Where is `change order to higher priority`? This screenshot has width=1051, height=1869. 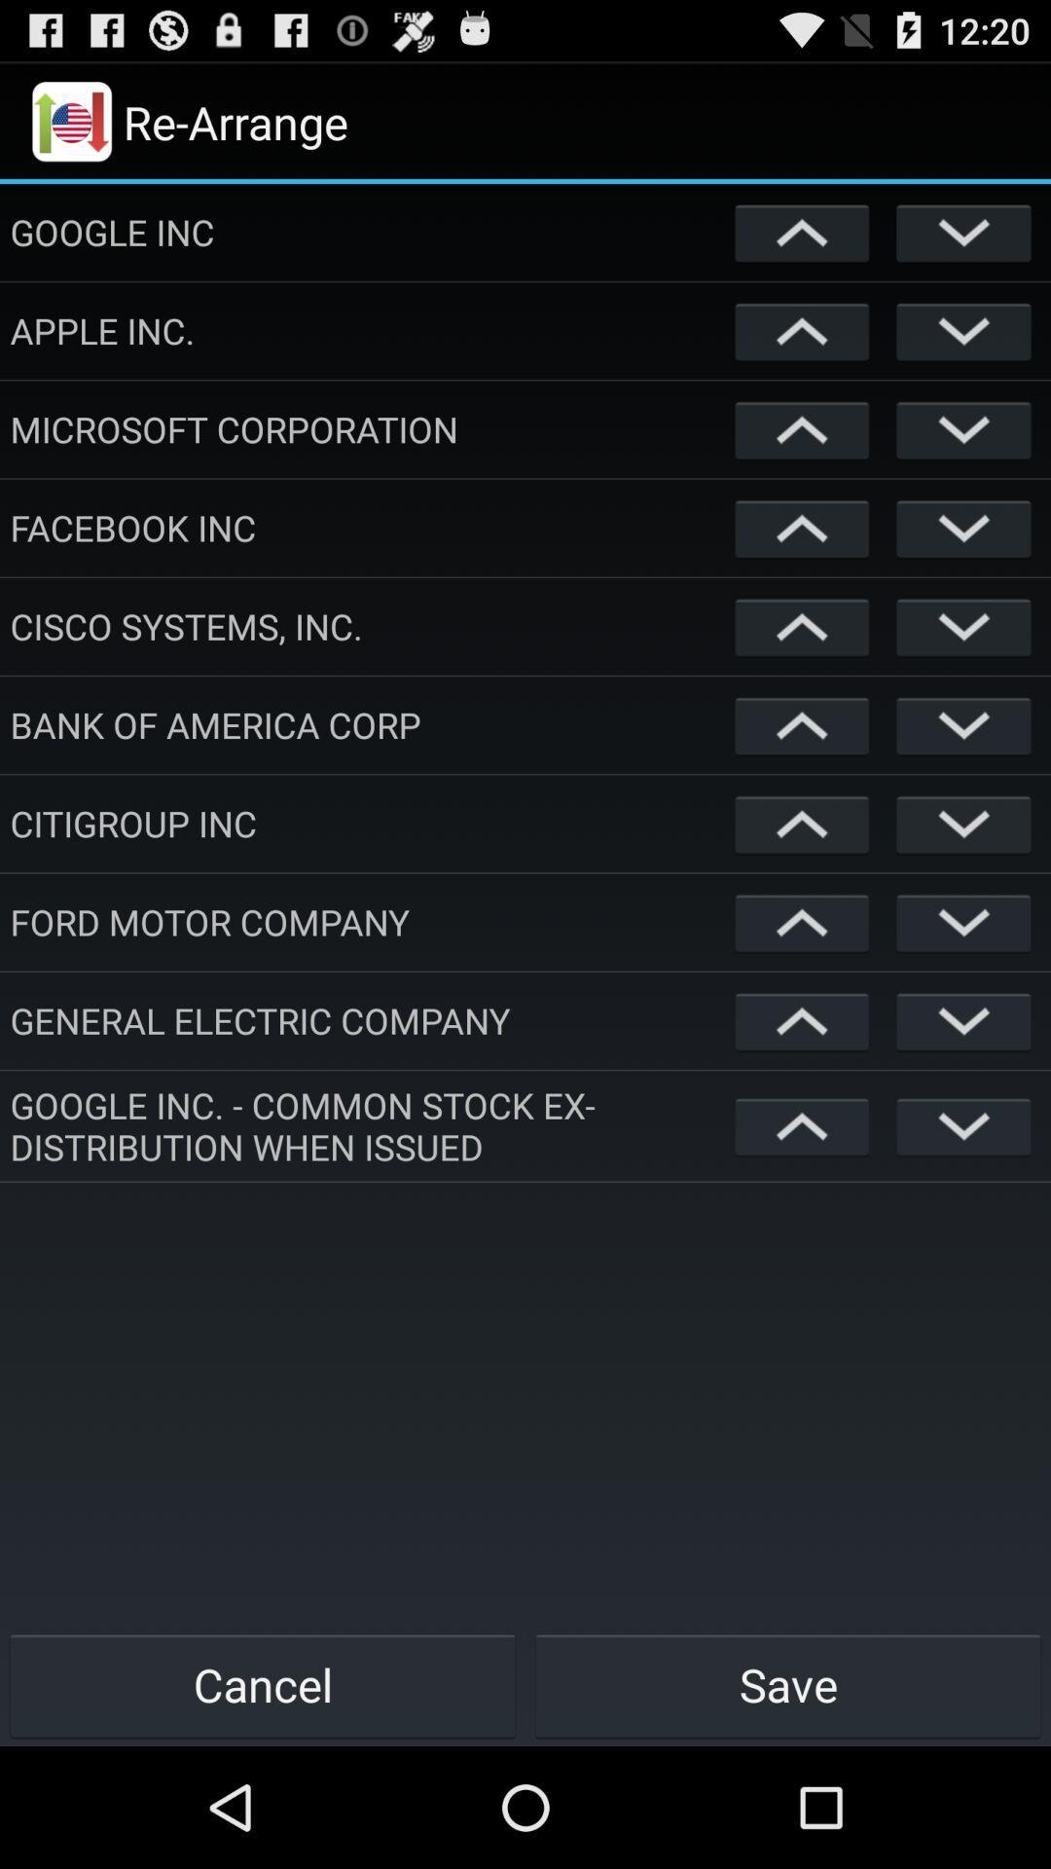 change order to higher priority is located at coordinates (802, 921).